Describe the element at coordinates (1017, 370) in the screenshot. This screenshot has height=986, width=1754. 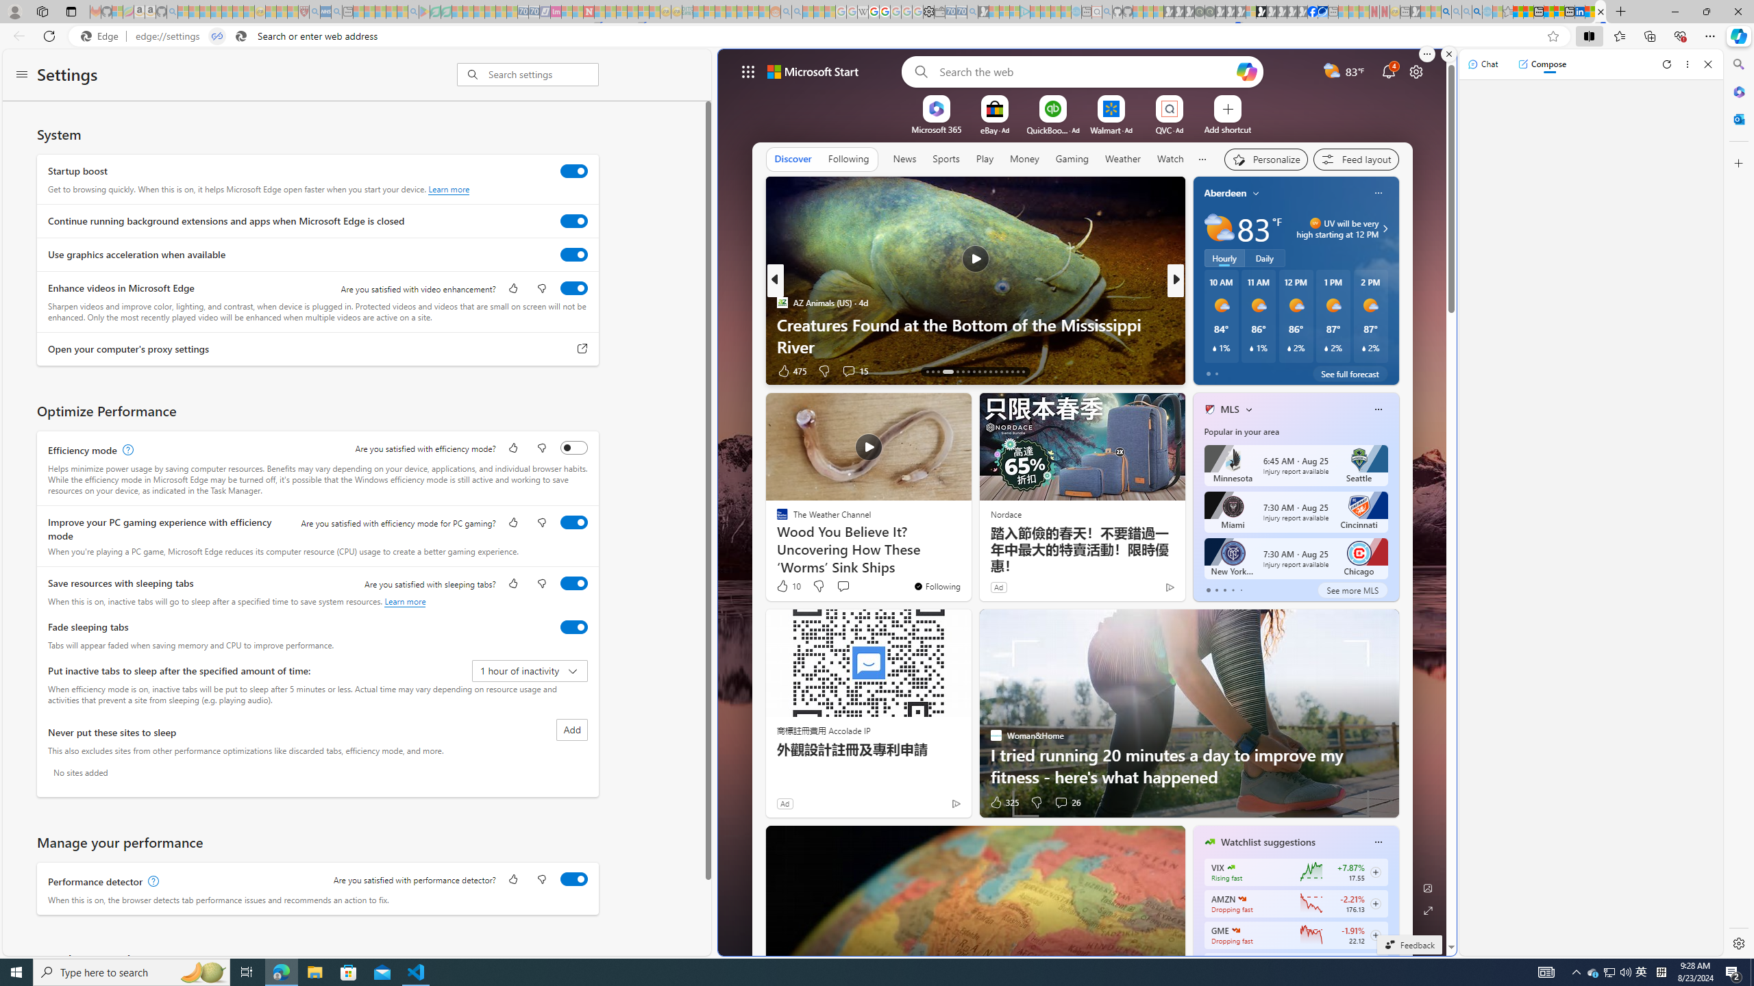
I see `'AutomationID: tab-28'` at that location.